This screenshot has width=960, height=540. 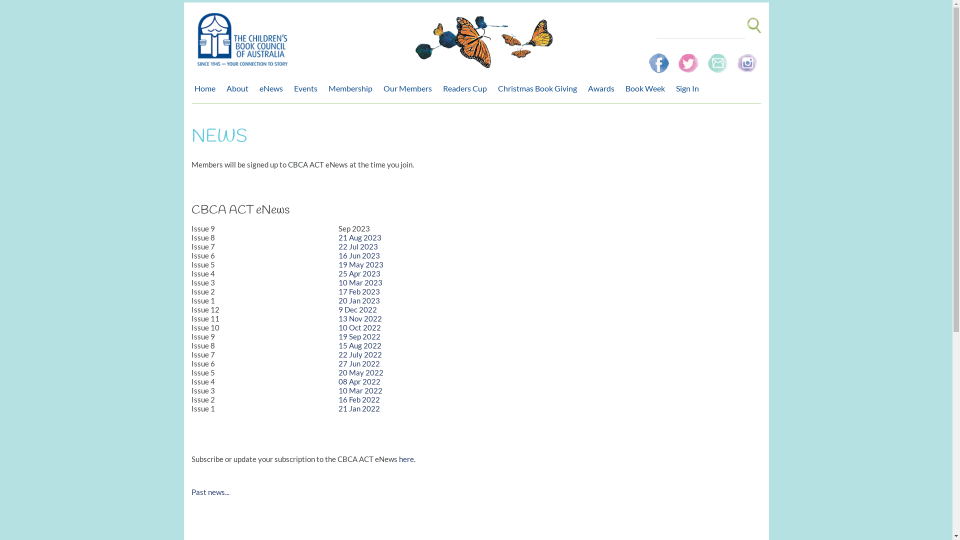 I want to click on '22 July 2022', so click(x=360, y=354).